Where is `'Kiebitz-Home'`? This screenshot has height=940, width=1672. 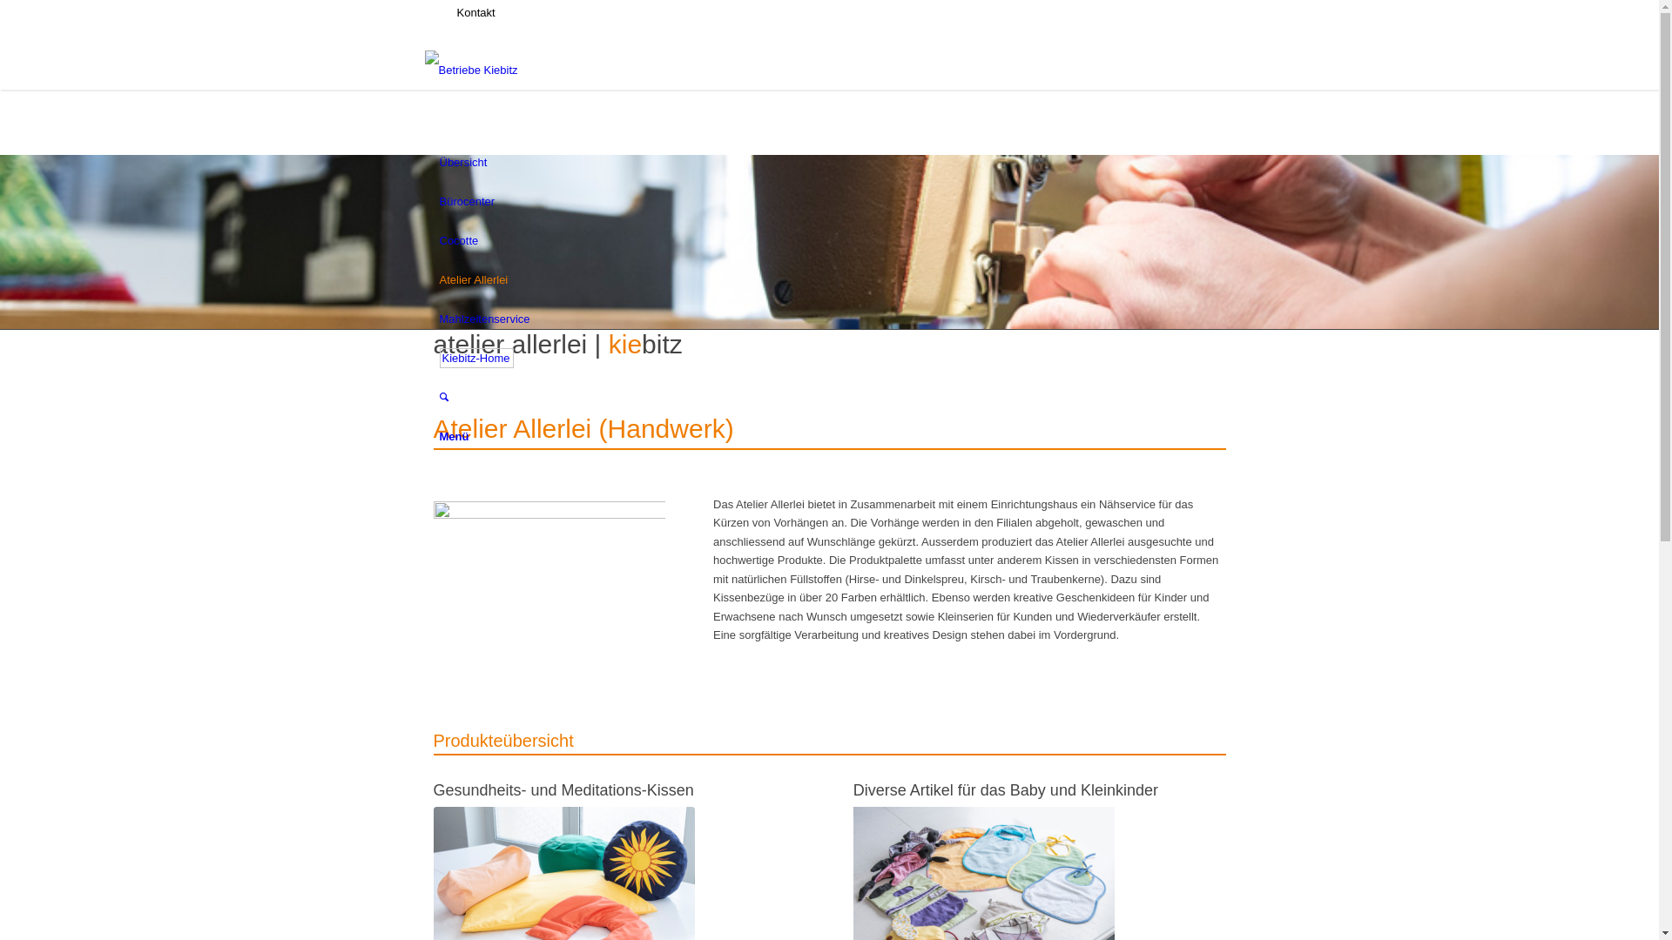 'Kiebitz-Home' is located at coordinates (475, 357).